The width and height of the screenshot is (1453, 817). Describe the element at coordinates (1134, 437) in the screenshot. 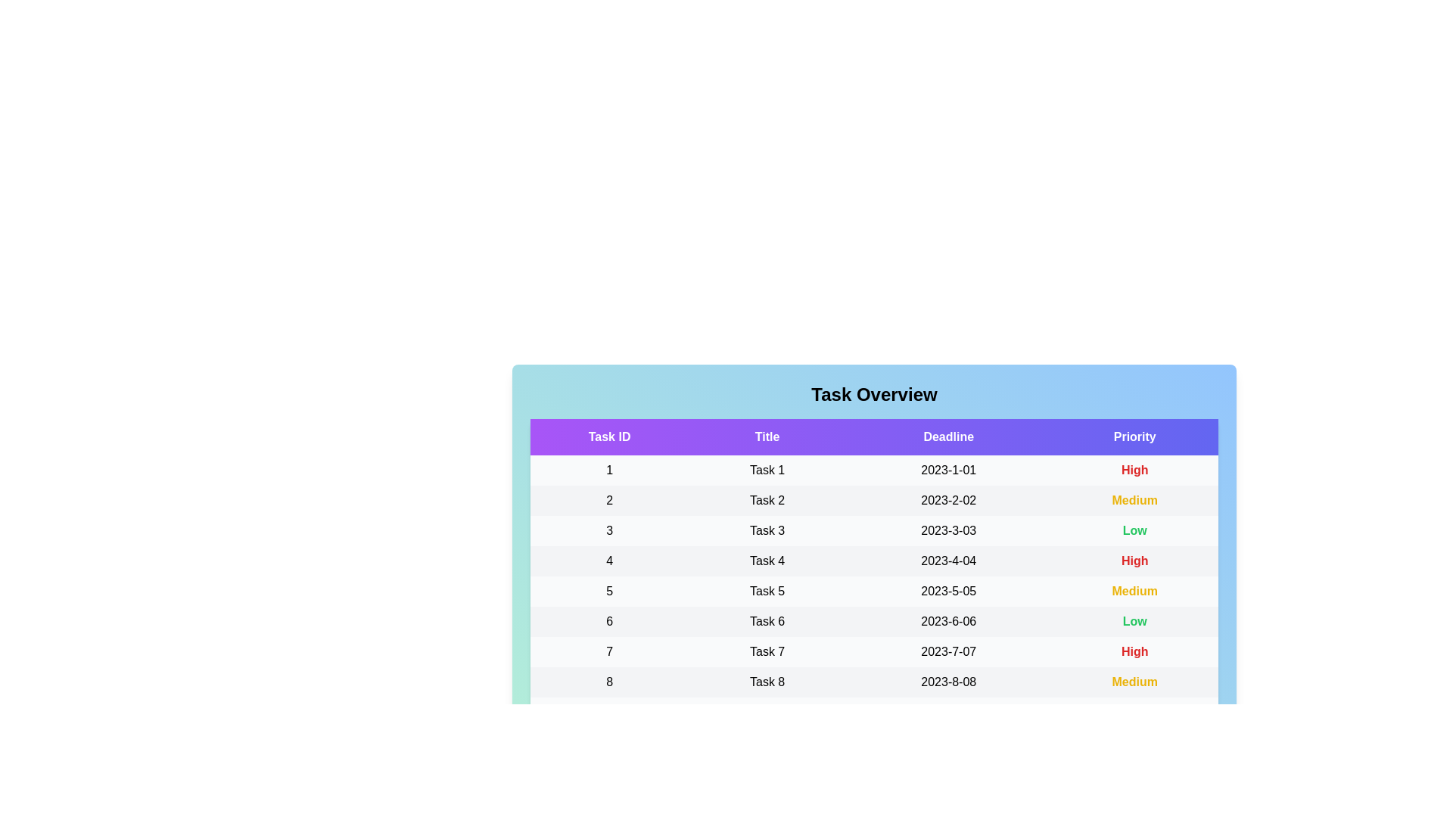

I see `the column header Priority to sort the tasks by that column` at that location.